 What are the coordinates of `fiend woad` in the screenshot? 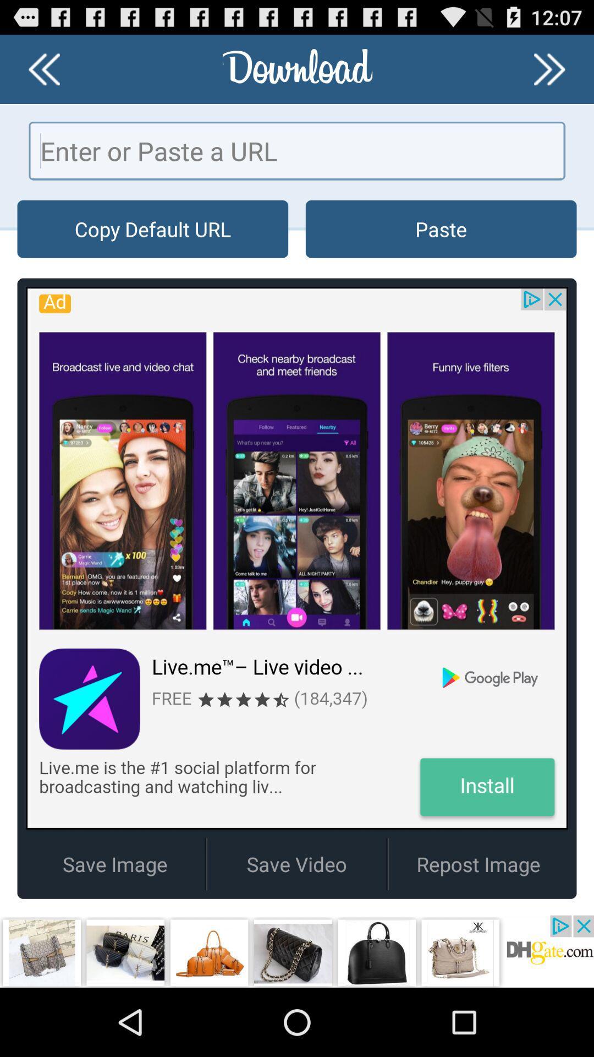 It's located at (549, 68).